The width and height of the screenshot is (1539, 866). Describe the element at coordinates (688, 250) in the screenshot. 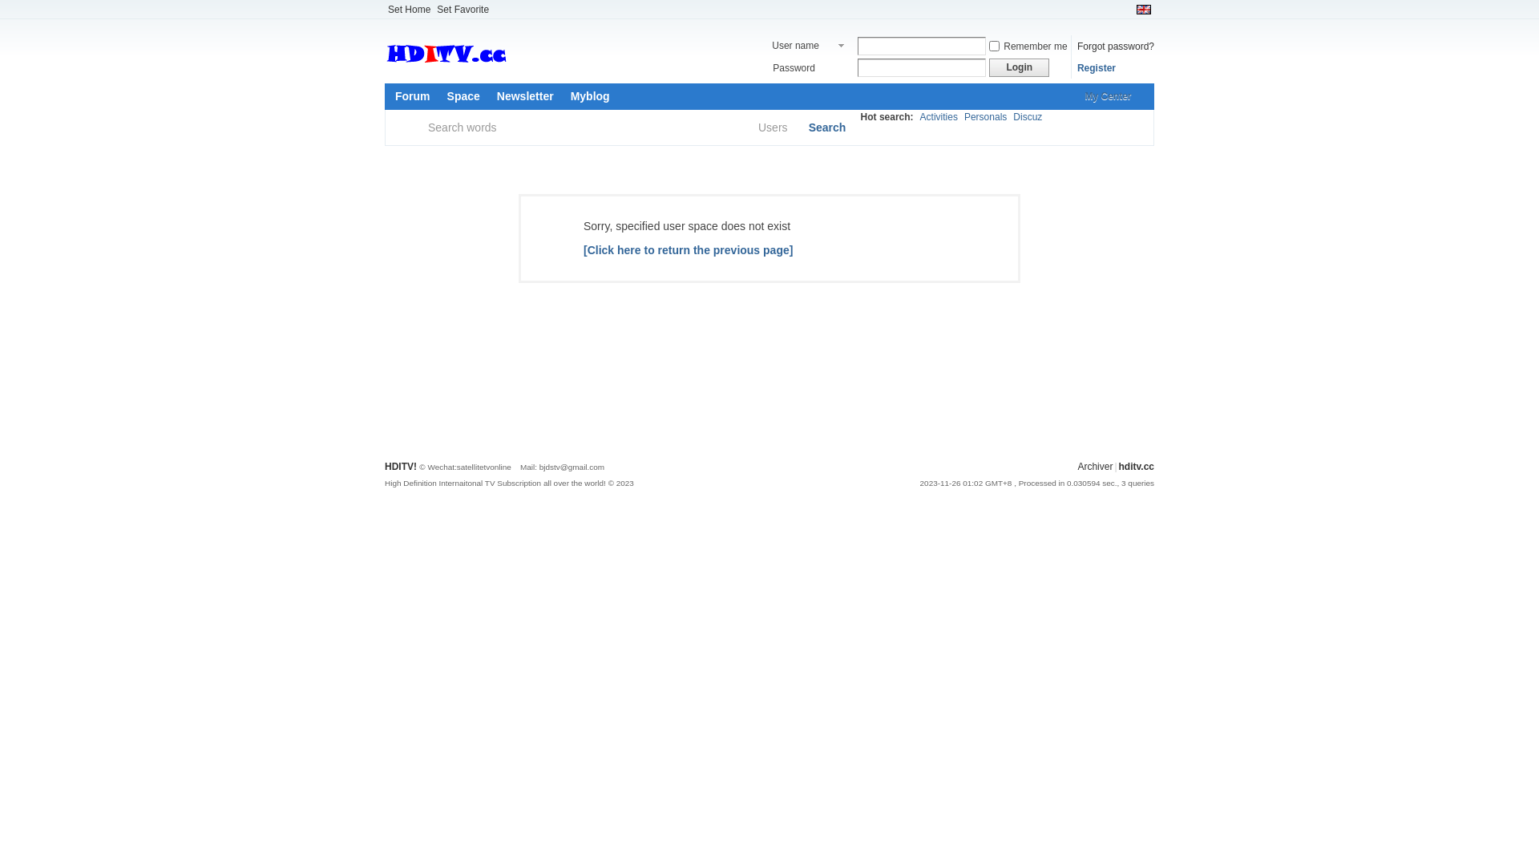

I see `'[Click here to return the previous page]'` at that location.